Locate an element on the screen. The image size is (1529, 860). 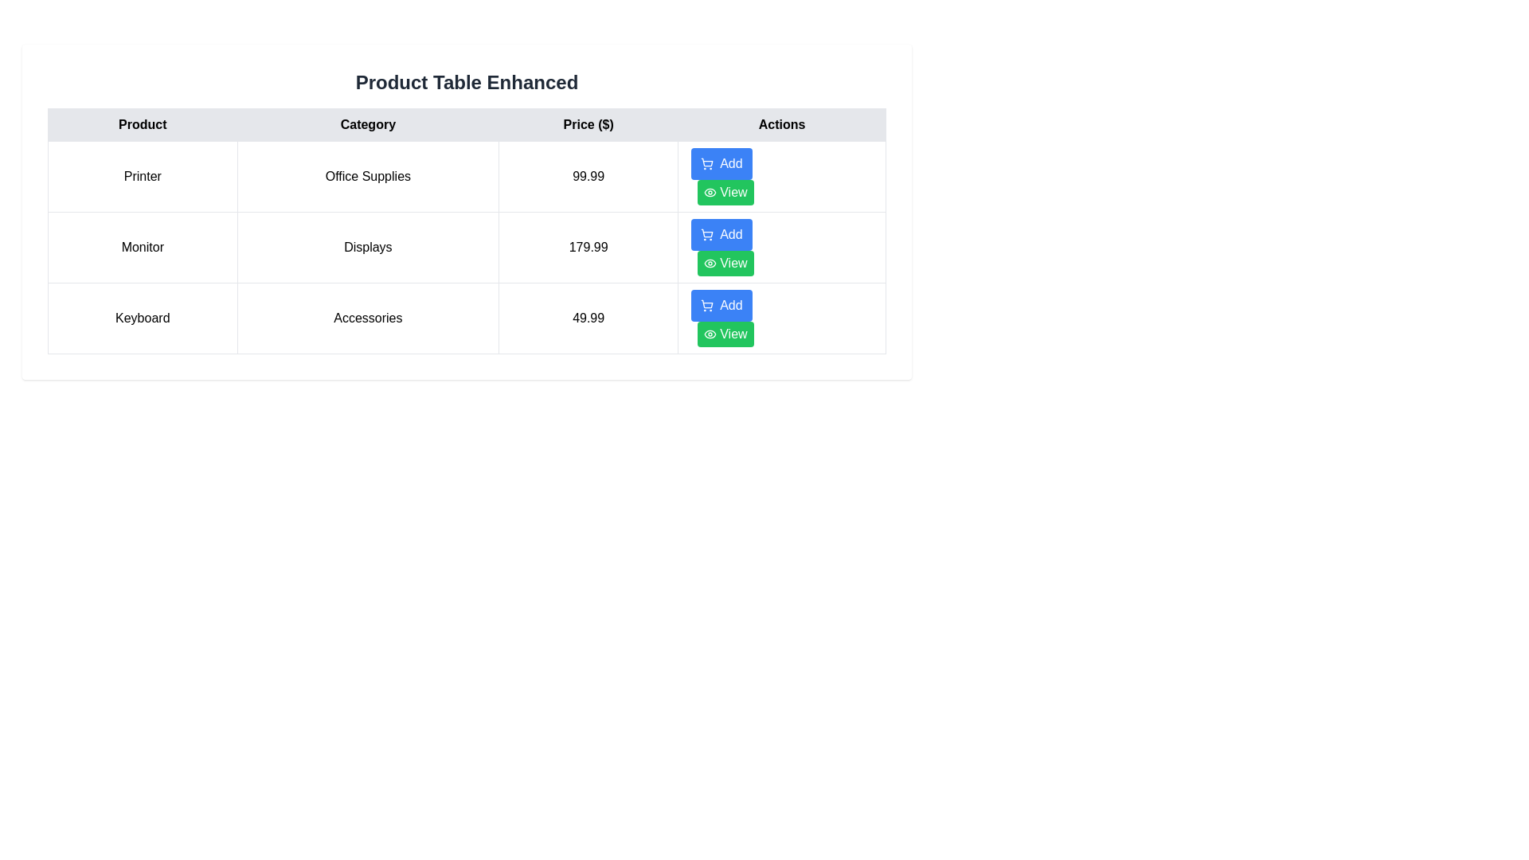
the table cell containing the text 'Keyboard' in the first column of the third row, which is directly under the 'Monitor' text is located at coordinates (143, 319).